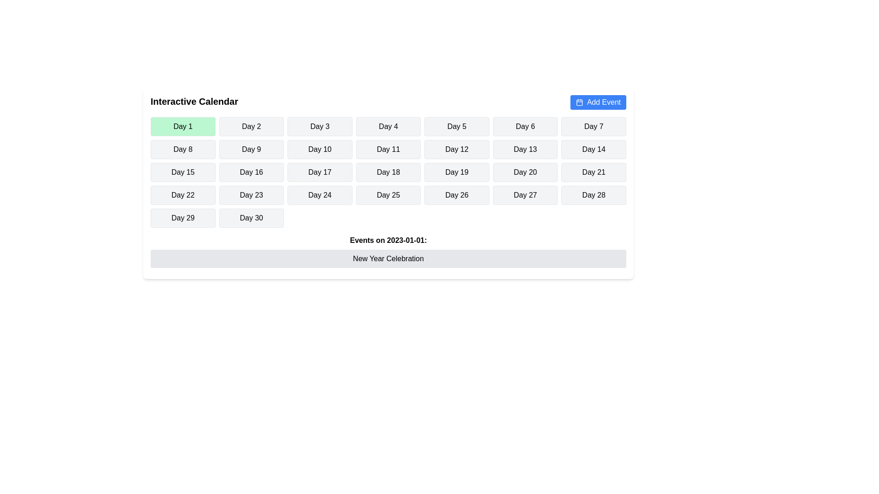  What do you see at coordinates (525, 172) in the screenshot?
I see `the selectable day item button corresponding to 'Day 20' in the interactive calendar interface` at bounding box center [525, 172].